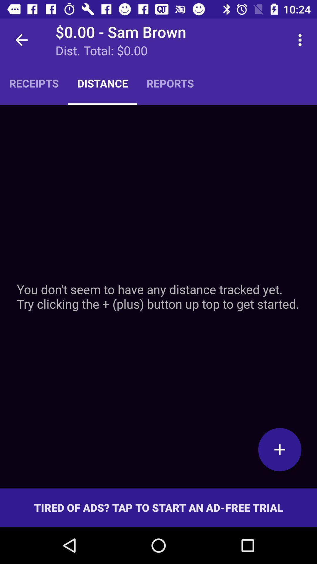 This screenshot has width=317, height=564. I want to click on the item above you don t, so click(170, 83).